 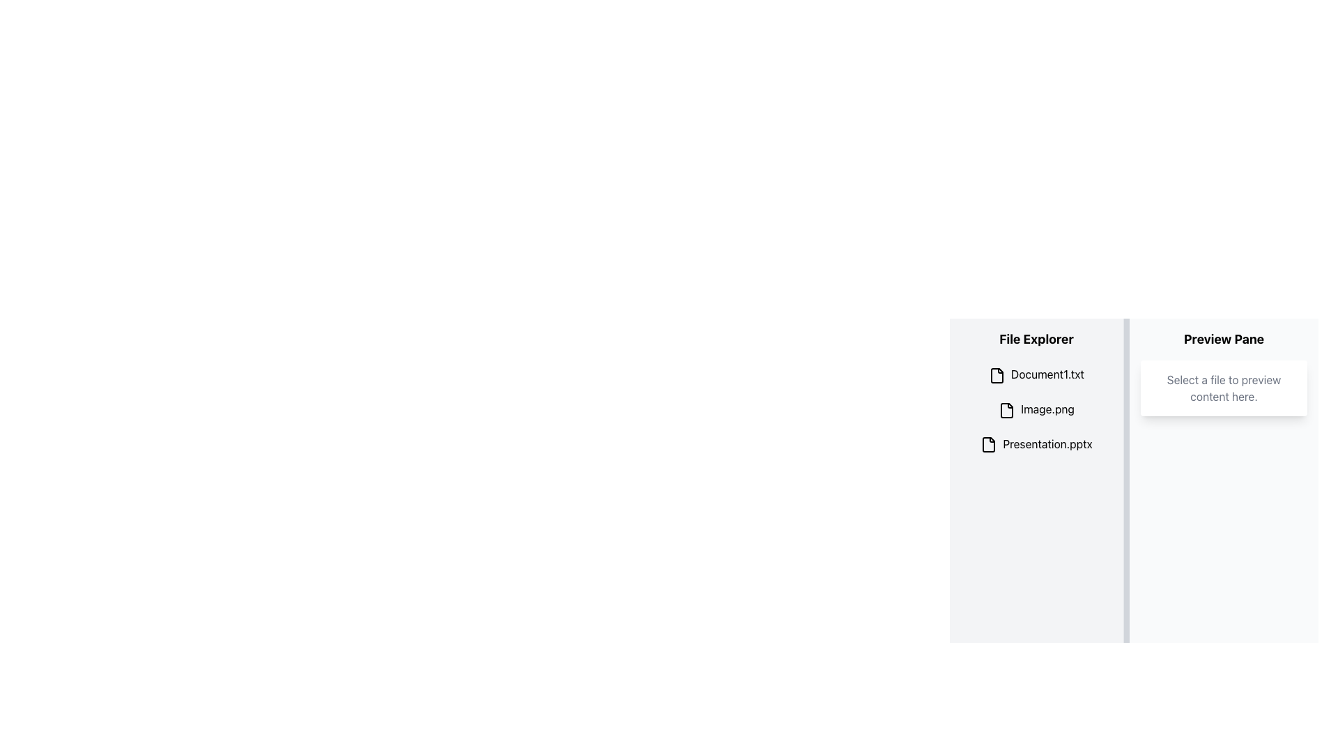 What do you see at coordinates (1223, 388) in the screenshot?
I see `the instructional text label that prompts the user to select a file` at bounding box center [1223, 388].